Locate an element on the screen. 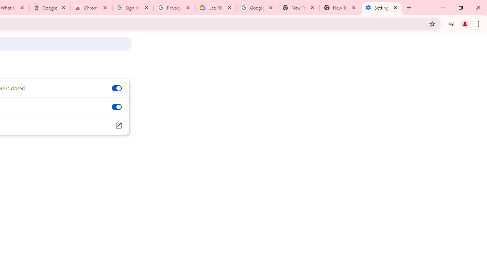  'New Tab' is located at coordinates (340, 8).